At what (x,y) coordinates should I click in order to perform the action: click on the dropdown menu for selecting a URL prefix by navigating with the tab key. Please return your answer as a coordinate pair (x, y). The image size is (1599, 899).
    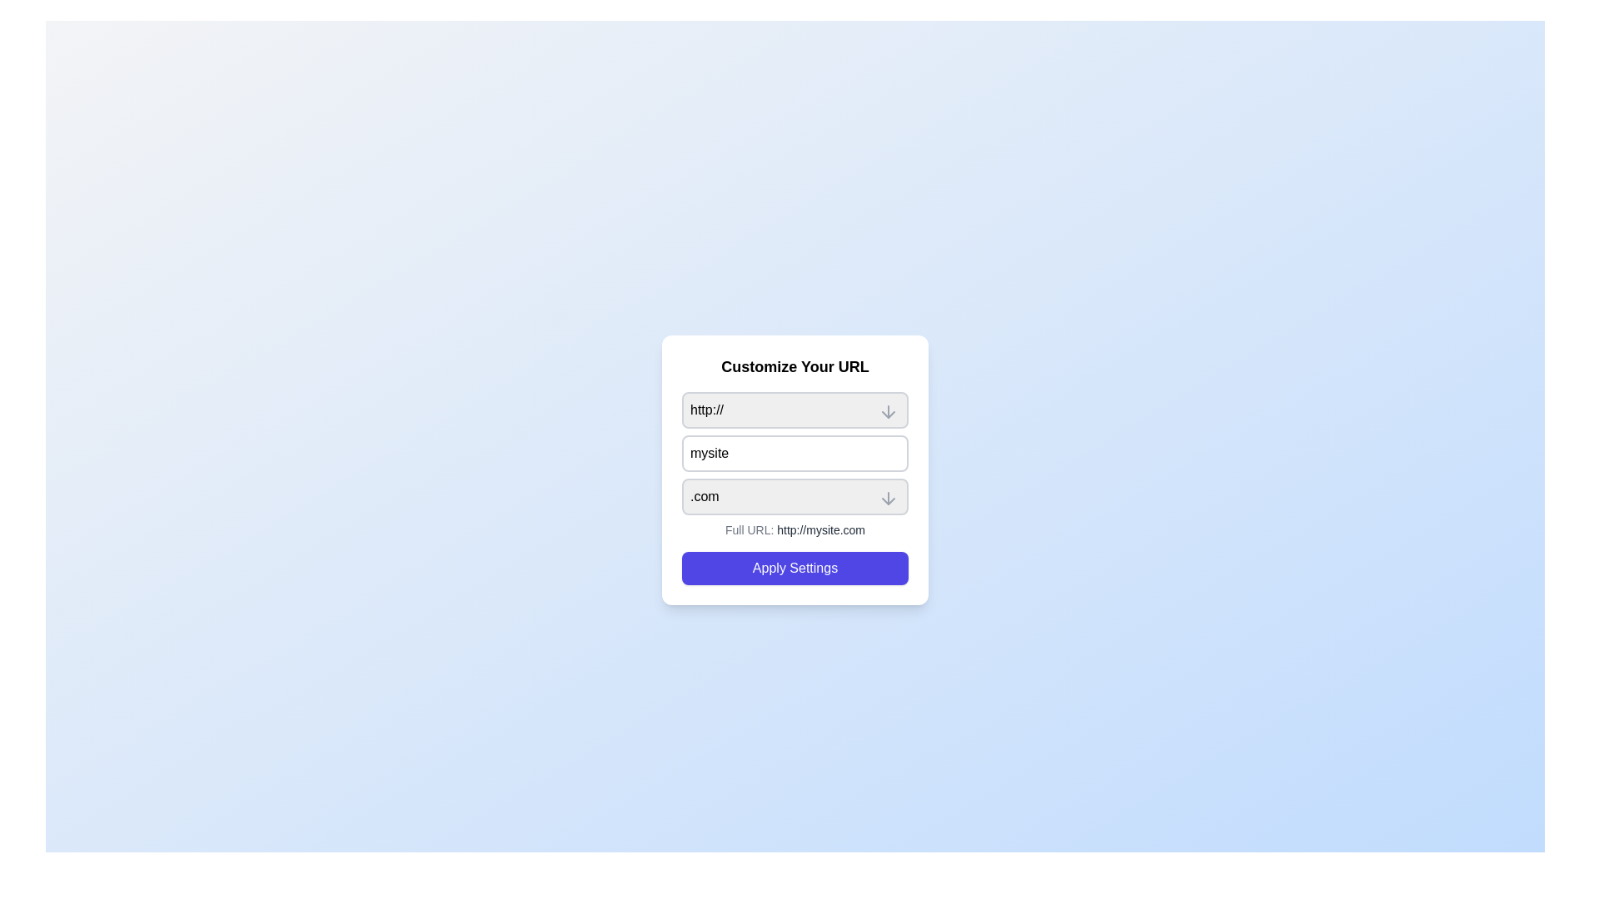
    Looking at the image, I should click on (795, 410).